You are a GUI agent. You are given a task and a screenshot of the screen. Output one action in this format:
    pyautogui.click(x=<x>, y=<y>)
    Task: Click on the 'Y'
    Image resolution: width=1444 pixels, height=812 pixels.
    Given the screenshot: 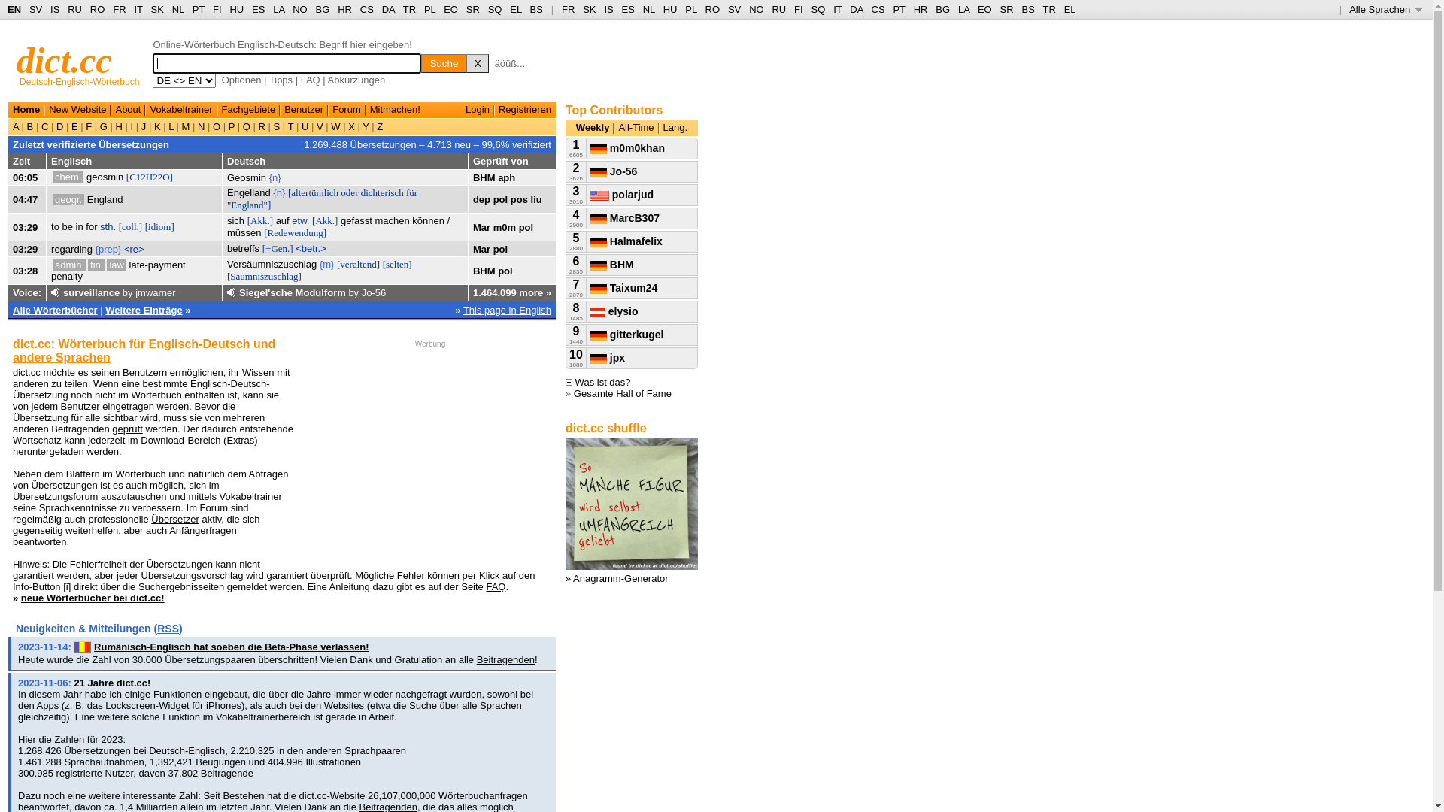 What is the action you would take?
    pyautogui.click(x=359, y=126)
    